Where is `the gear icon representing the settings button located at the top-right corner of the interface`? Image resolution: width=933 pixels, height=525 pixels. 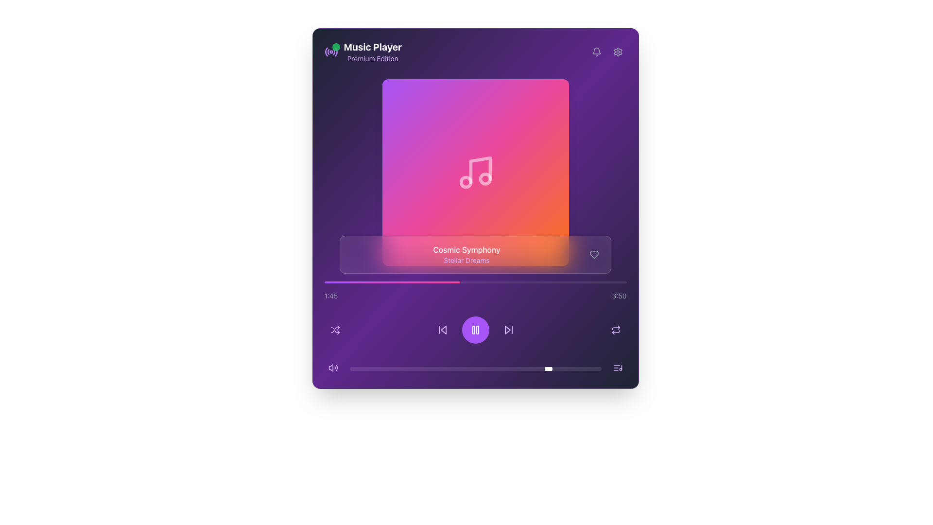
the gear icon representing the settings button located at the top-right corner of the interface is located at coordinates (617, 52).